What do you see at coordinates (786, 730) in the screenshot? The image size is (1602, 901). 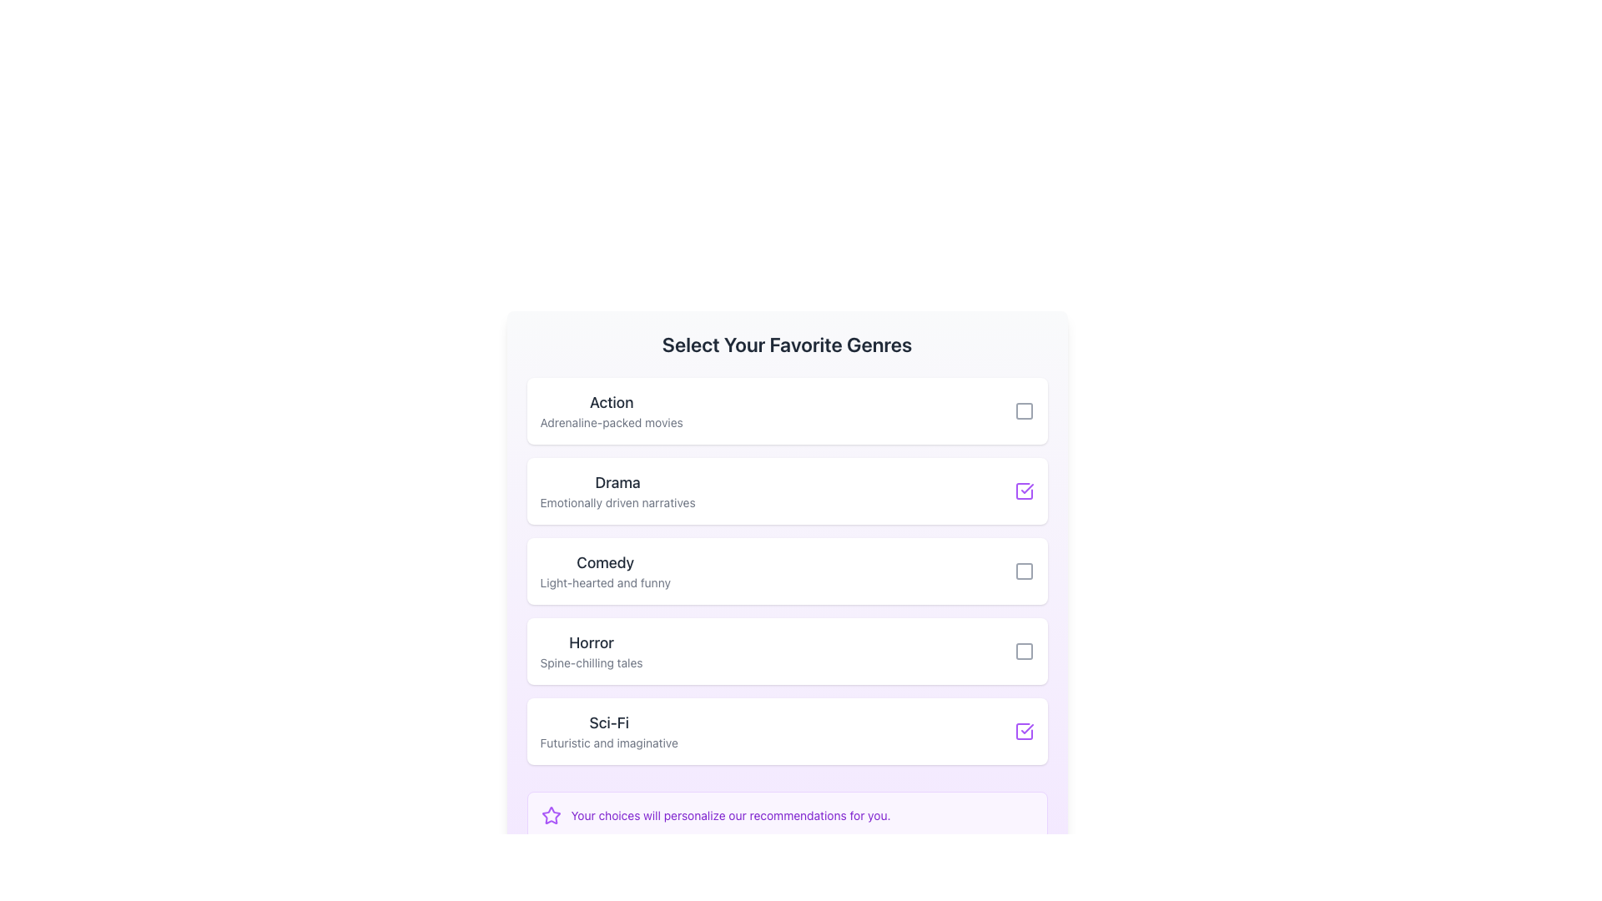 I see `the checkbox for the 'Sci-Fi' genre option in the selectable list item` at bounding box center [786, 730].